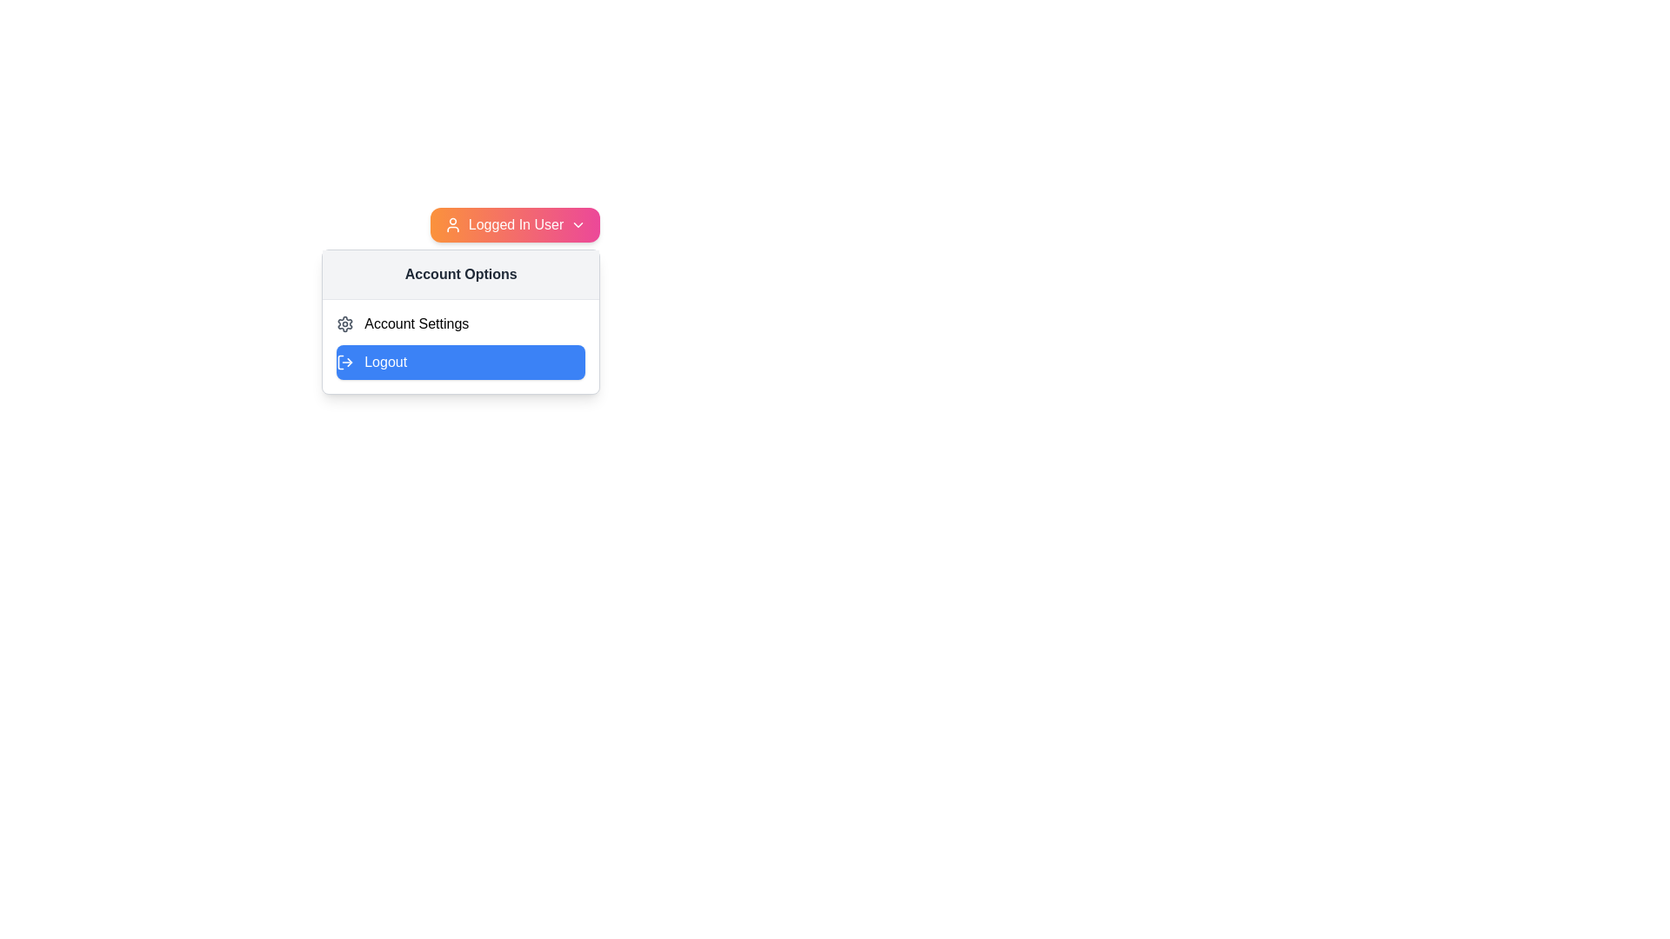 This screenshot has height=939, width=1670. What do you see at coordinates (345, 361) in the screenshot?
I see `the icon located on the left side of the 'Logout' button in a blue, rounded rectangle within the dropdown menu` at bounding box center [345, 361].